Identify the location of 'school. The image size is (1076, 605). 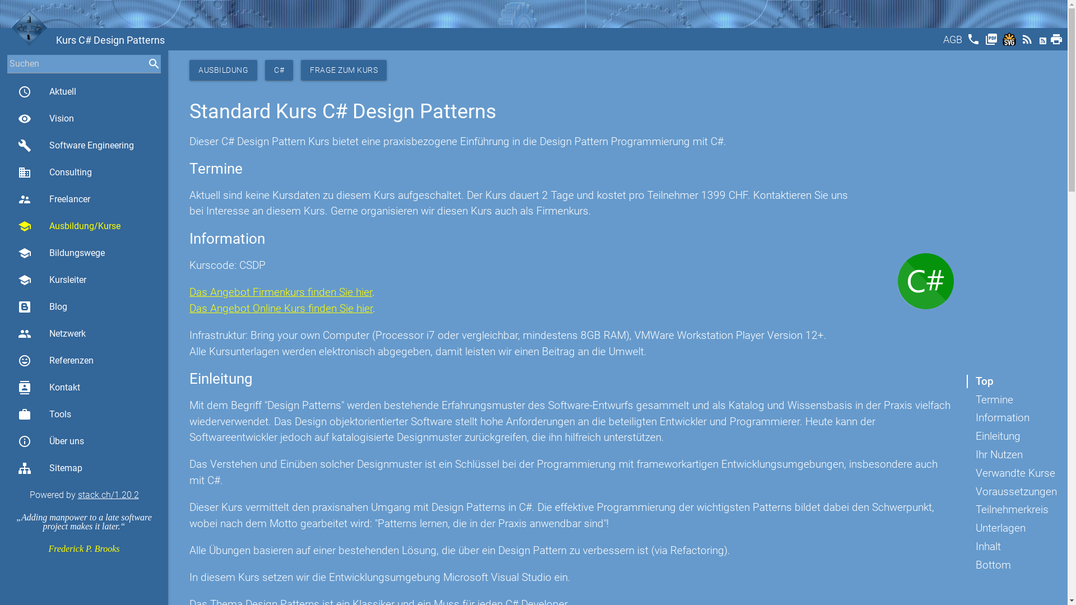
(0, 280).